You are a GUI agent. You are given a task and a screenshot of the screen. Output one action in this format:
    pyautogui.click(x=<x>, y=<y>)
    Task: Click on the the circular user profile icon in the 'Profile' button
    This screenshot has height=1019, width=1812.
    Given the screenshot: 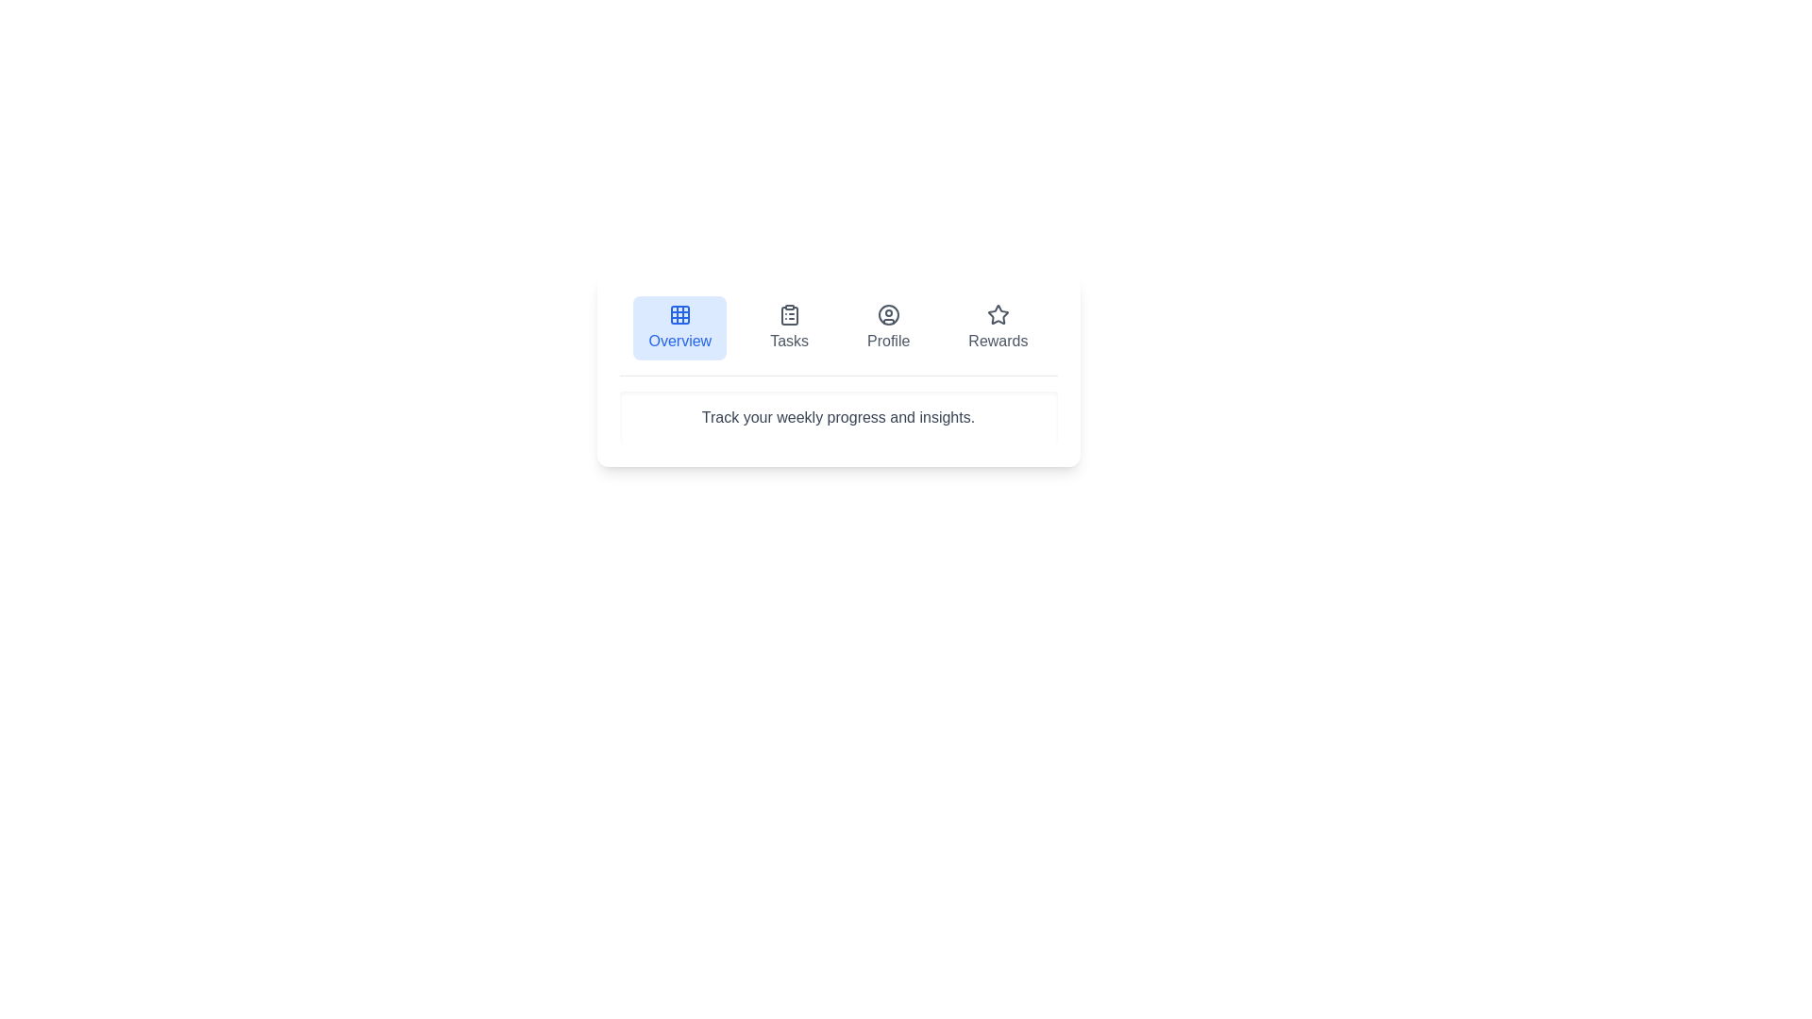 What is the action you would take?
    pyautogui.click(x=887, y=314)
    